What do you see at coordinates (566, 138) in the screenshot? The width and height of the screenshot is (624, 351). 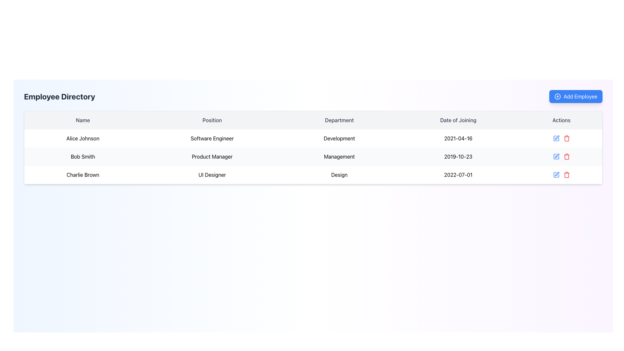 I see `the red trash can icon in the 'Actions' column of the second row in the table for 'Bob Smith'` at bounding box center [566, 138].